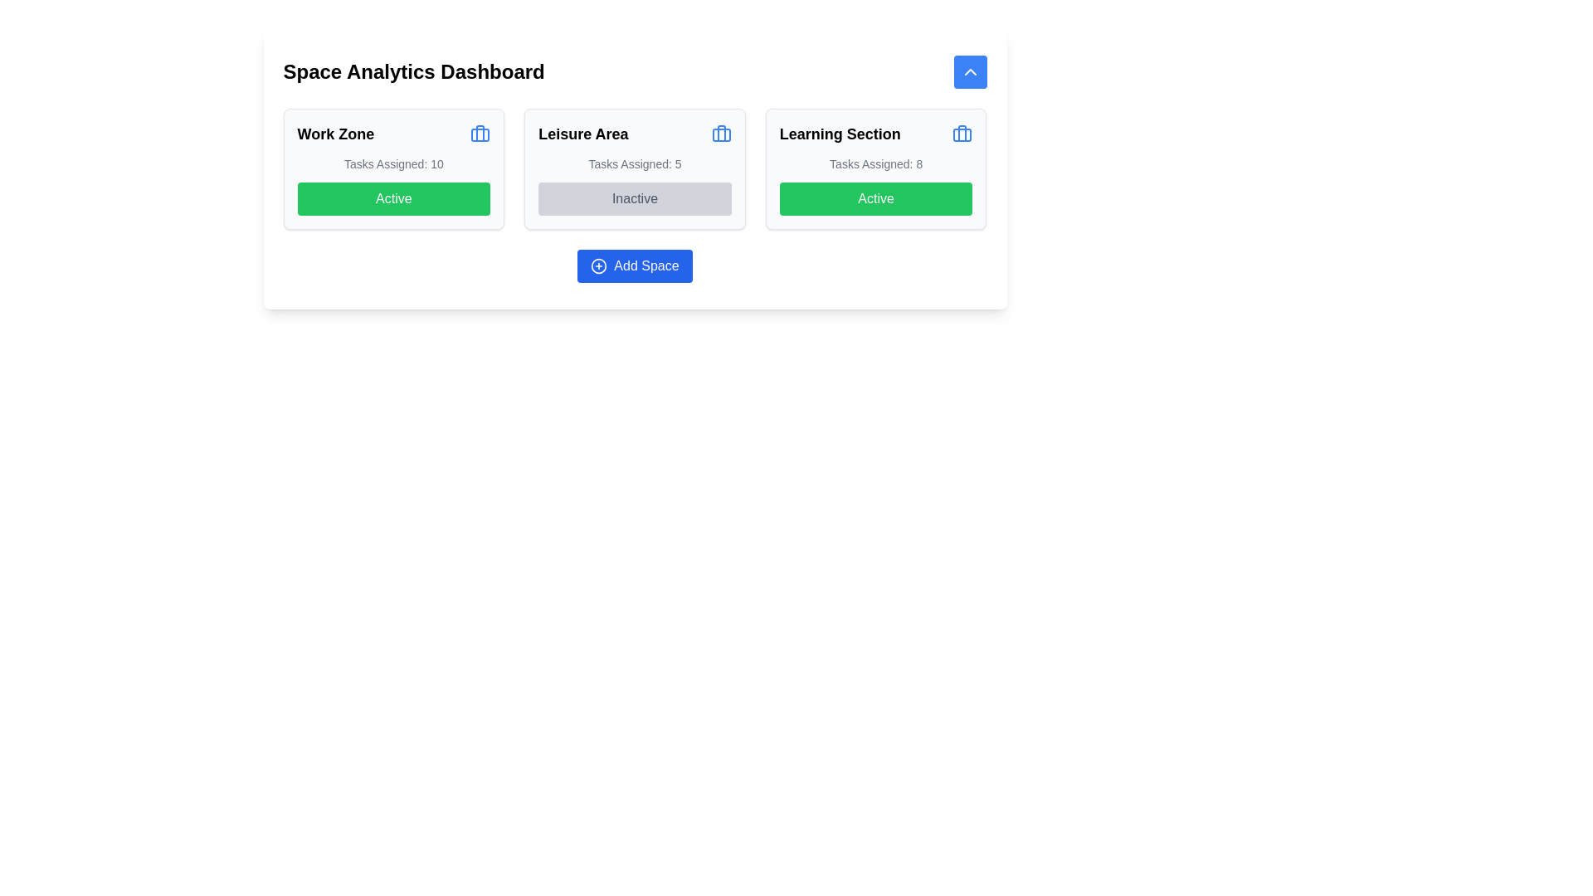 The height and width of the screenshot is (896, 1593). I want to click on the static text label indicating the number of tasks assigned to the 'Learning Section', located centrally below the 'Learning Section' heading and above the 'Active' button, so click(875, 163).